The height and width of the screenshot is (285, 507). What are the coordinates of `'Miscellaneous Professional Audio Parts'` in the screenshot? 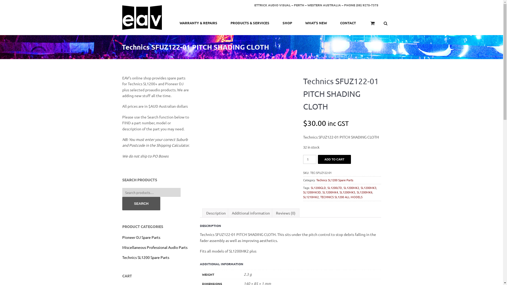 It's located at (154, 247).